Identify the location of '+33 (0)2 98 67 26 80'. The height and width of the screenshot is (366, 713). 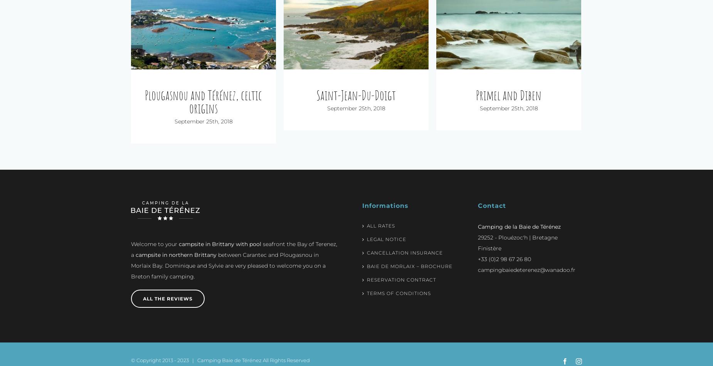
(504, 246).